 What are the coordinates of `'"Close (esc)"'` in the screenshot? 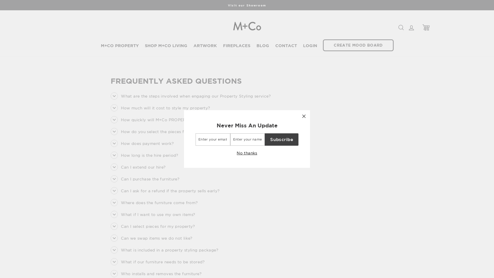 It's located at (304, 116).